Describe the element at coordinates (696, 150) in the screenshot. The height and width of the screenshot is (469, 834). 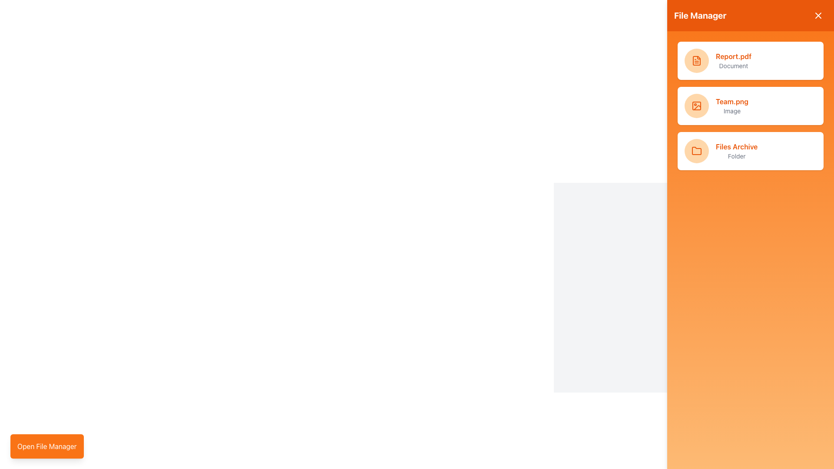
I see `the folder icon representing the 'Files Archive' entry in the right-side panel of the interface, which is the third entry below 'Team.png' and 'Report.pdf'` at that location.